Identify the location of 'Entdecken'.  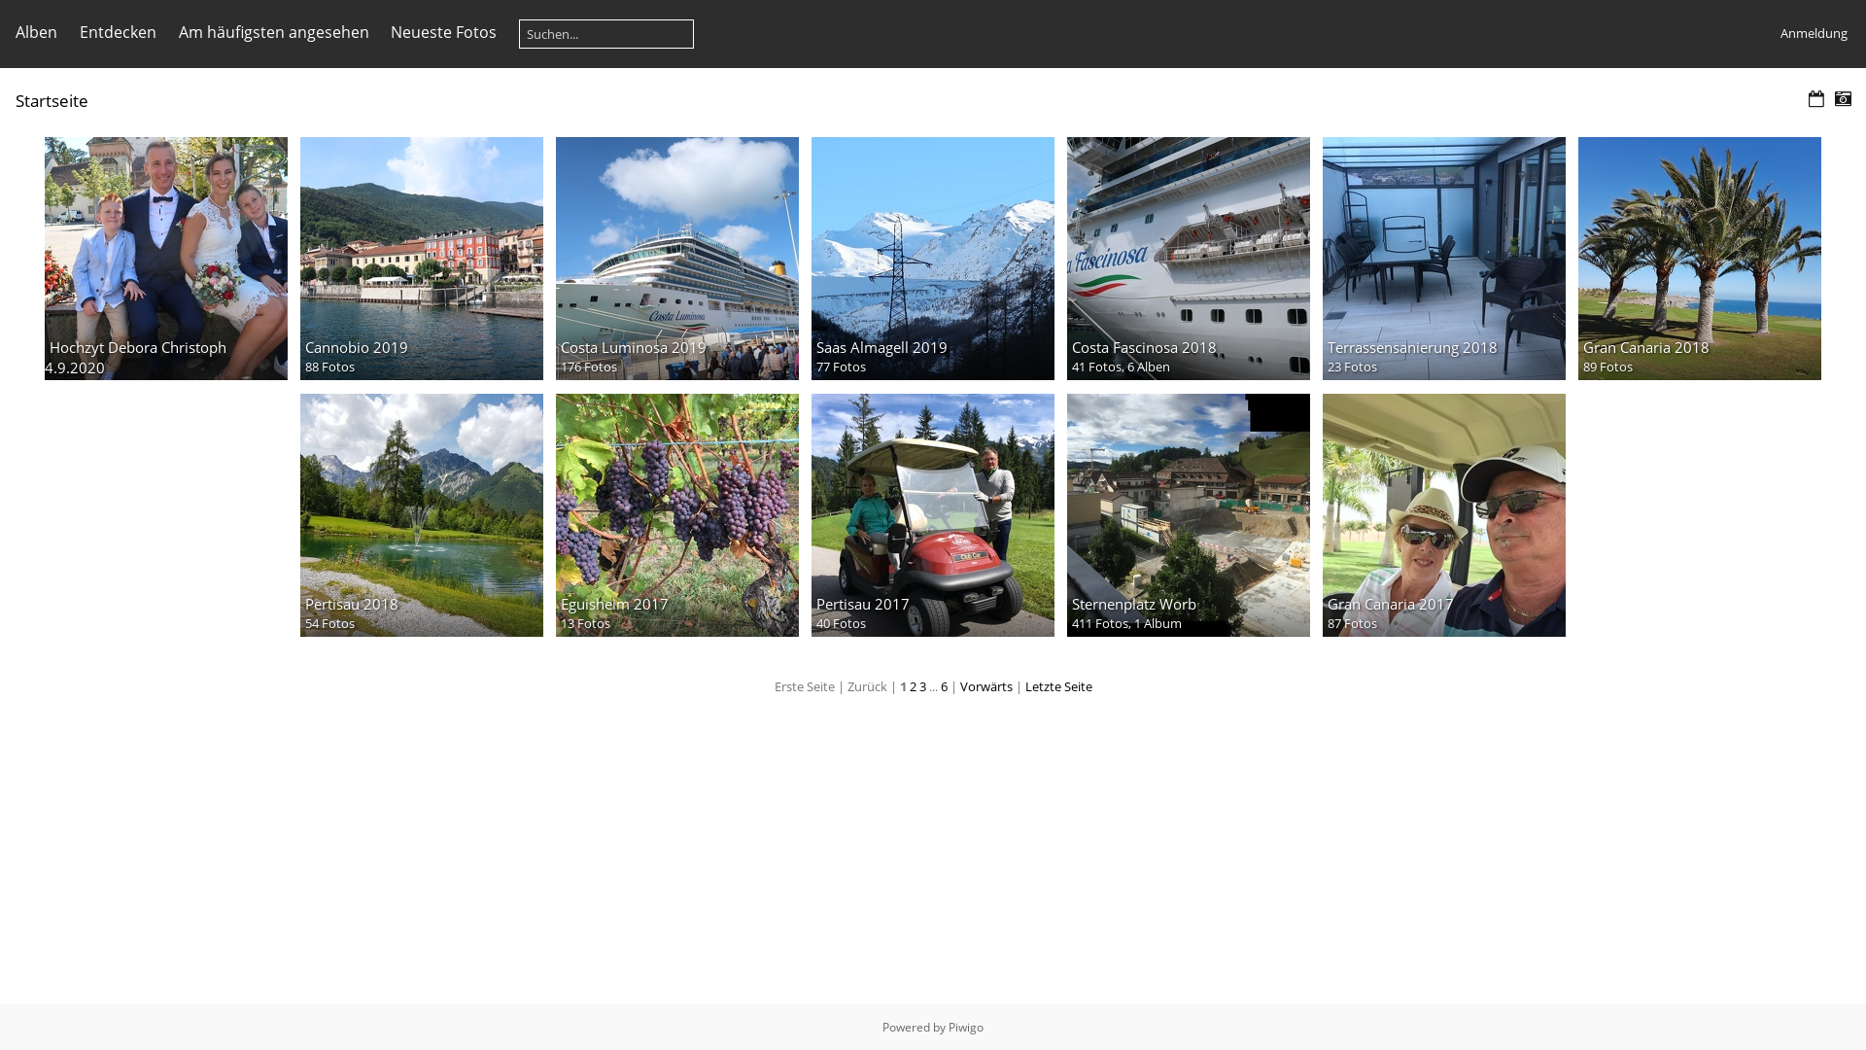
(117, 32).